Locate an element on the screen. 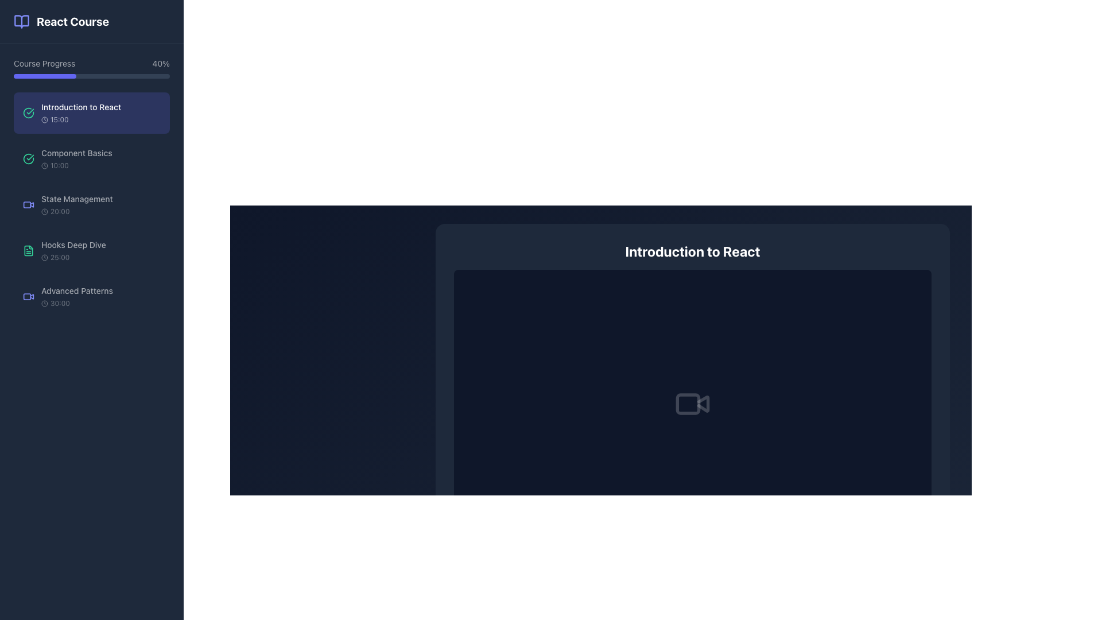  the decorative time-related icon located to the left of the text '30:00' in the 'Advanced Patterns' list item on the sidebar is located at coordinates (44, 303).